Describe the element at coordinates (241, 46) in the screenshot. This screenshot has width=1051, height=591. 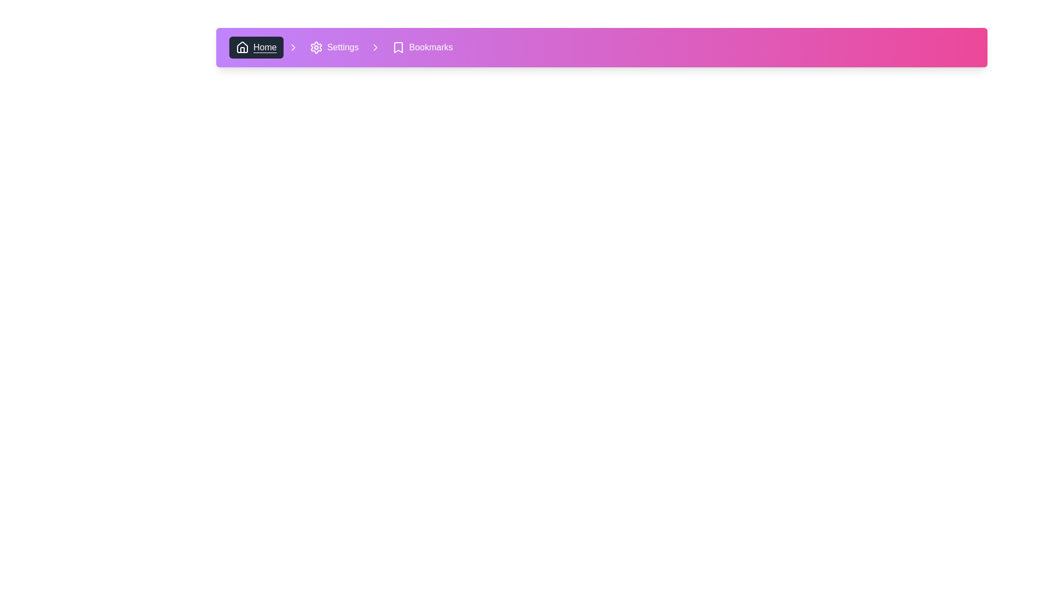
I see `the 'Home' icon located at the top left of the navigation bar, which signifies a return to the main page or dashboard` at that location.